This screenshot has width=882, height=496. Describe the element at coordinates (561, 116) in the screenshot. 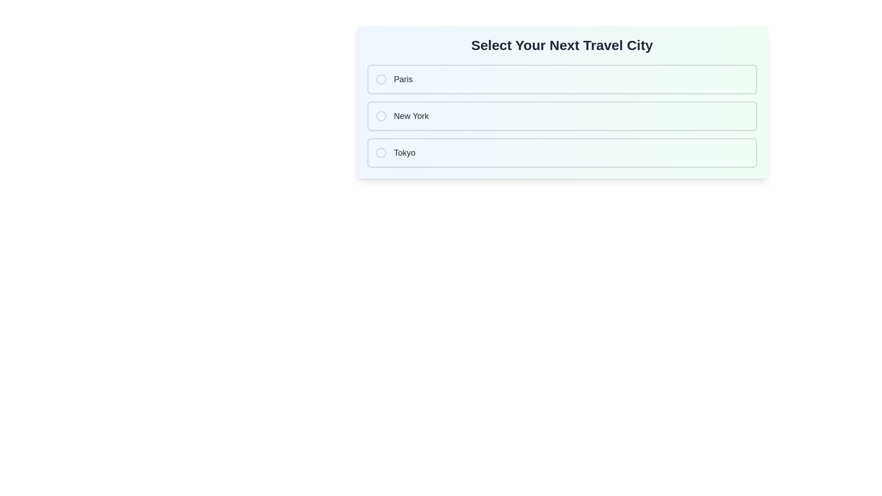

I see `the radiogroup containing the options 'Paris', 'New York', and 'Tokyo' for visual feedback` at that location.